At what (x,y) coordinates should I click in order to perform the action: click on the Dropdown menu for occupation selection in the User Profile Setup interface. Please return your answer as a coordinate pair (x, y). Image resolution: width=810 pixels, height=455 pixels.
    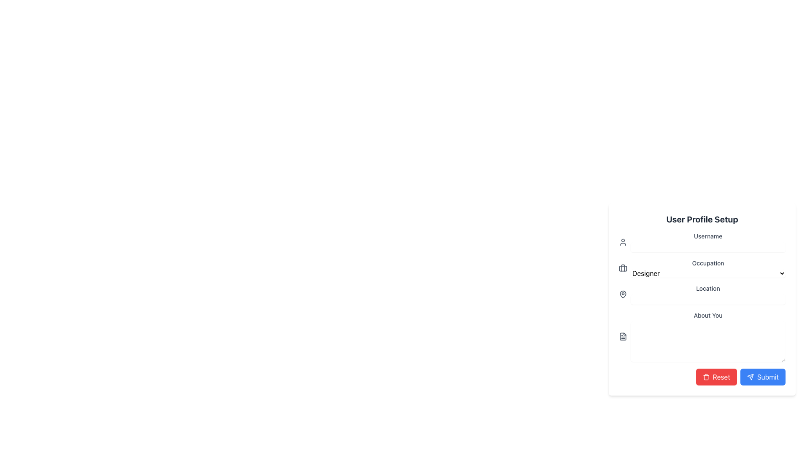
    Looking at the image, I should click on (702, 268).